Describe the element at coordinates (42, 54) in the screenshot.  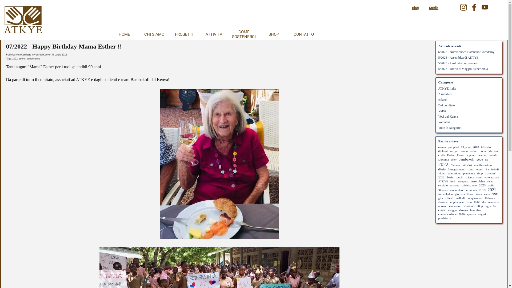
I see `'Voci dal Kenya'` at that location.